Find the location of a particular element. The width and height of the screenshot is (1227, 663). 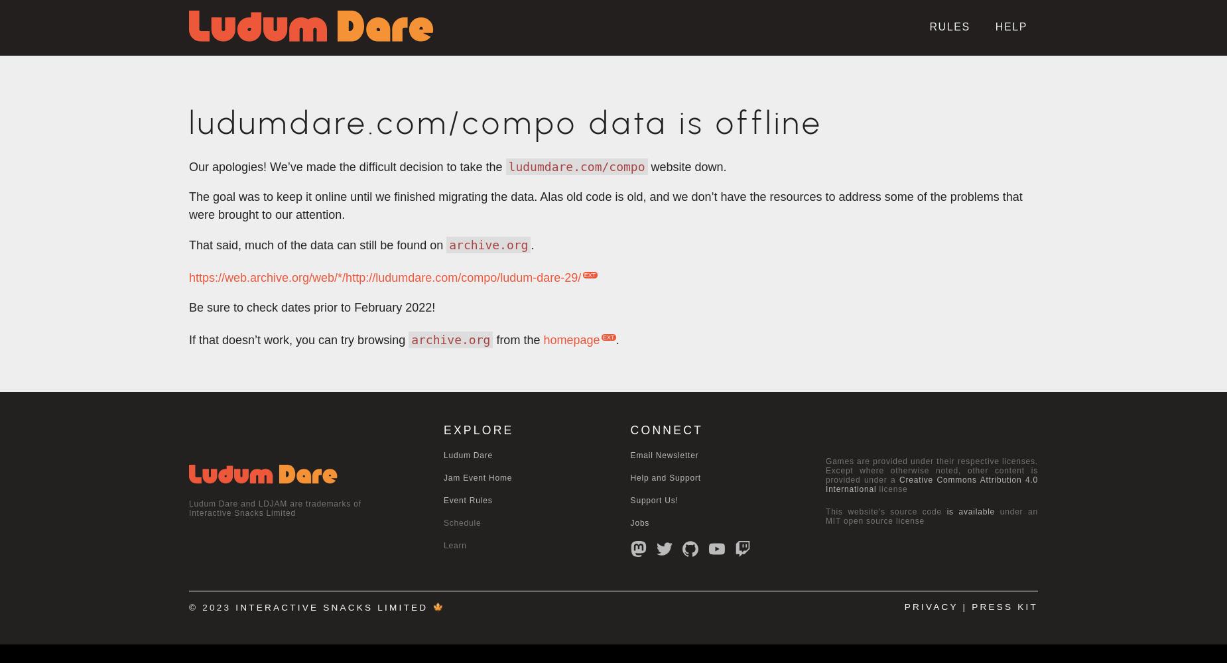

'HELP' is located at coordinates (1011, 27).